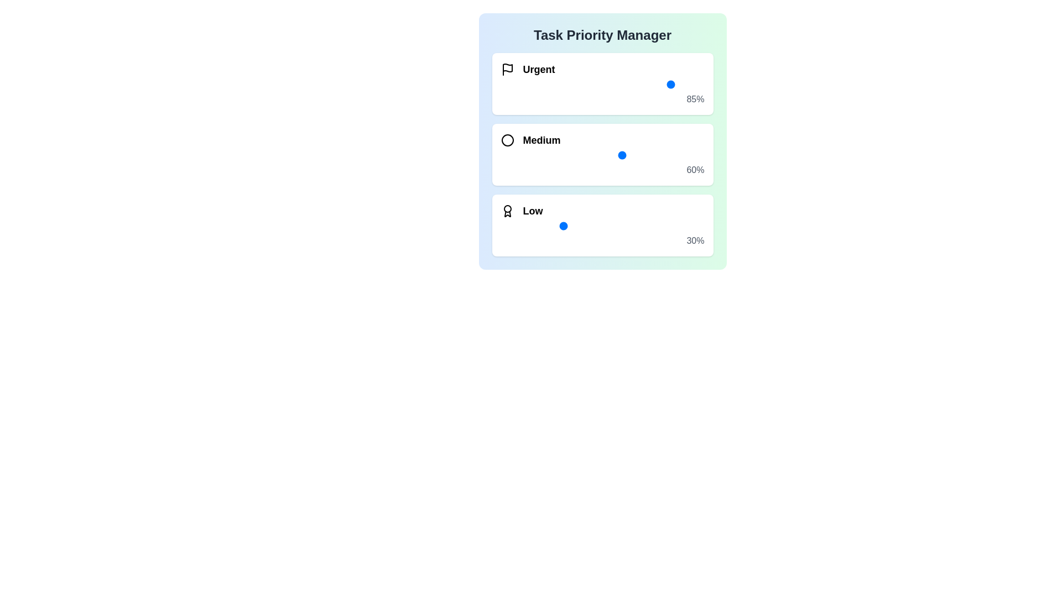 Image resolution: width=1062 pixels, height=597 pixels. What do you see at coordinates (641, 84) in the screenshot?
I see `the priority slider for the 'Urgent' task to 69%` at bounding box center [641, 84].